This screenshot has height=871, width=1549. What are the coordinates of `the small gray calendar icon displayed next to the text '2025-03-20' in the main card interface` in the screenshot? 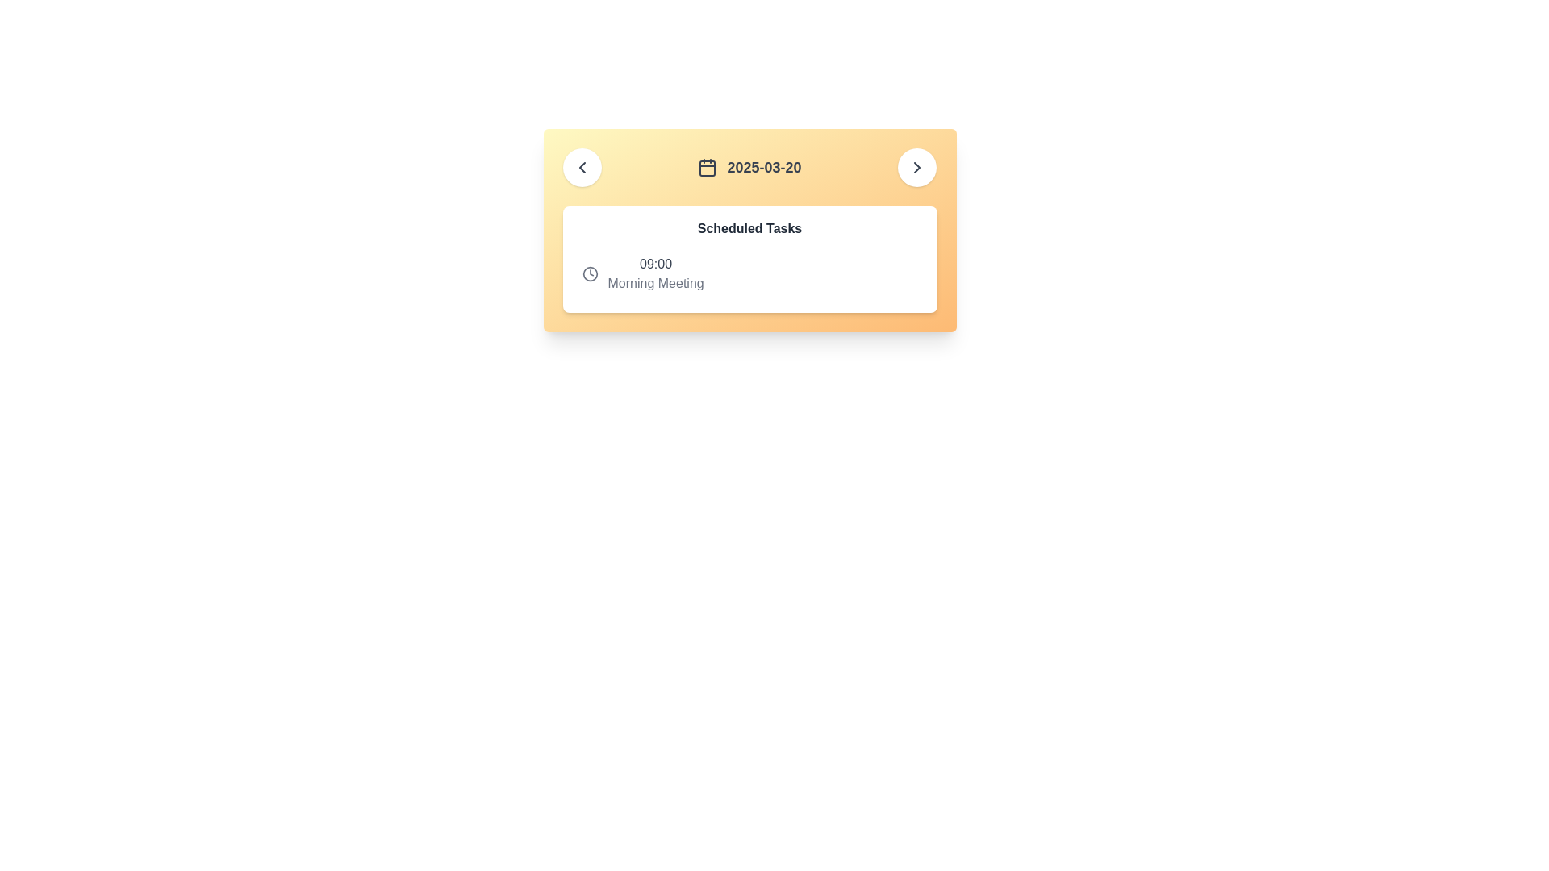 It's located at (708, 168).